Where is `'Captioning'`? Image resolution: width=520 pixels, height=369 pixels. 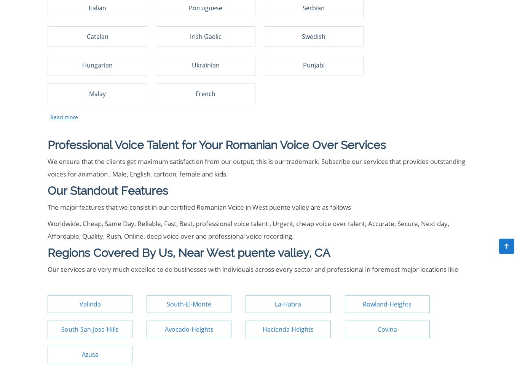
'Captioning' is located at coordinates (69, 35).